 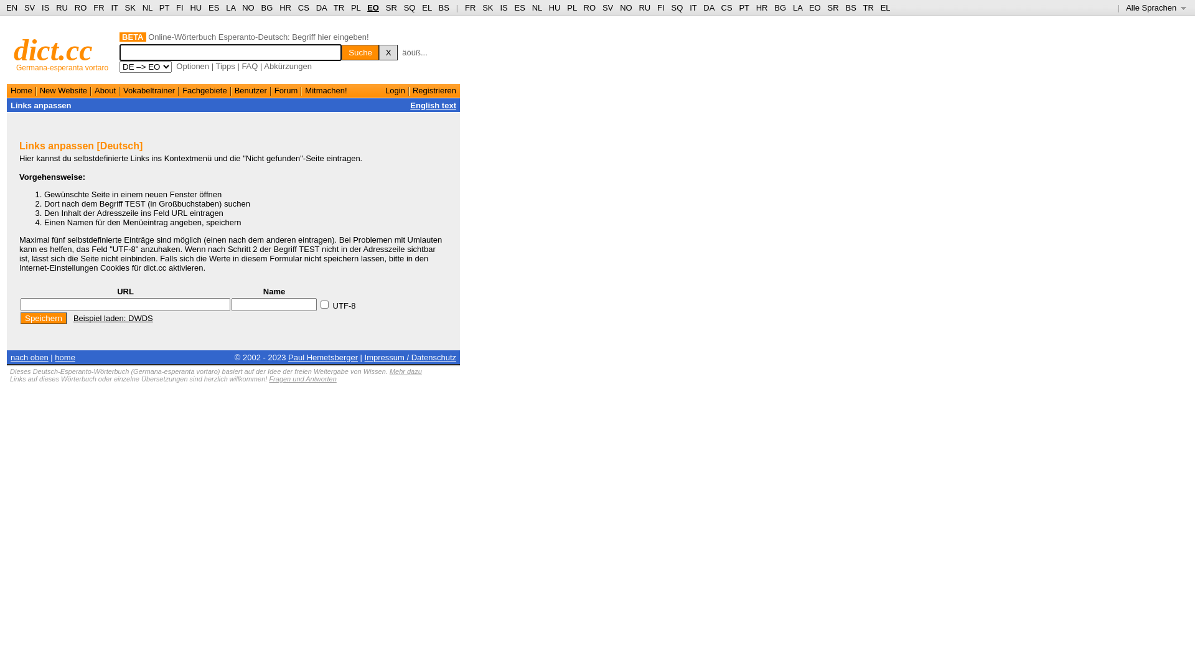 I want to click on 'DA', so click(x=708, y=7).